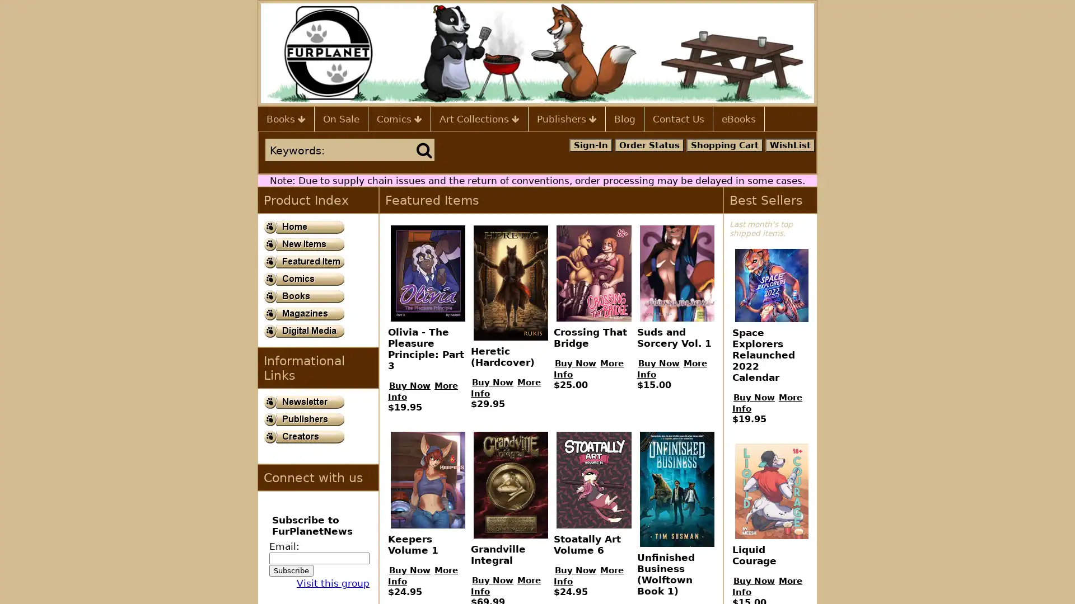 This screenshot has width=1075, height=604. Describe the element at coordinates (590, 144) in the screenshot. I see `Sign-In` at that location.